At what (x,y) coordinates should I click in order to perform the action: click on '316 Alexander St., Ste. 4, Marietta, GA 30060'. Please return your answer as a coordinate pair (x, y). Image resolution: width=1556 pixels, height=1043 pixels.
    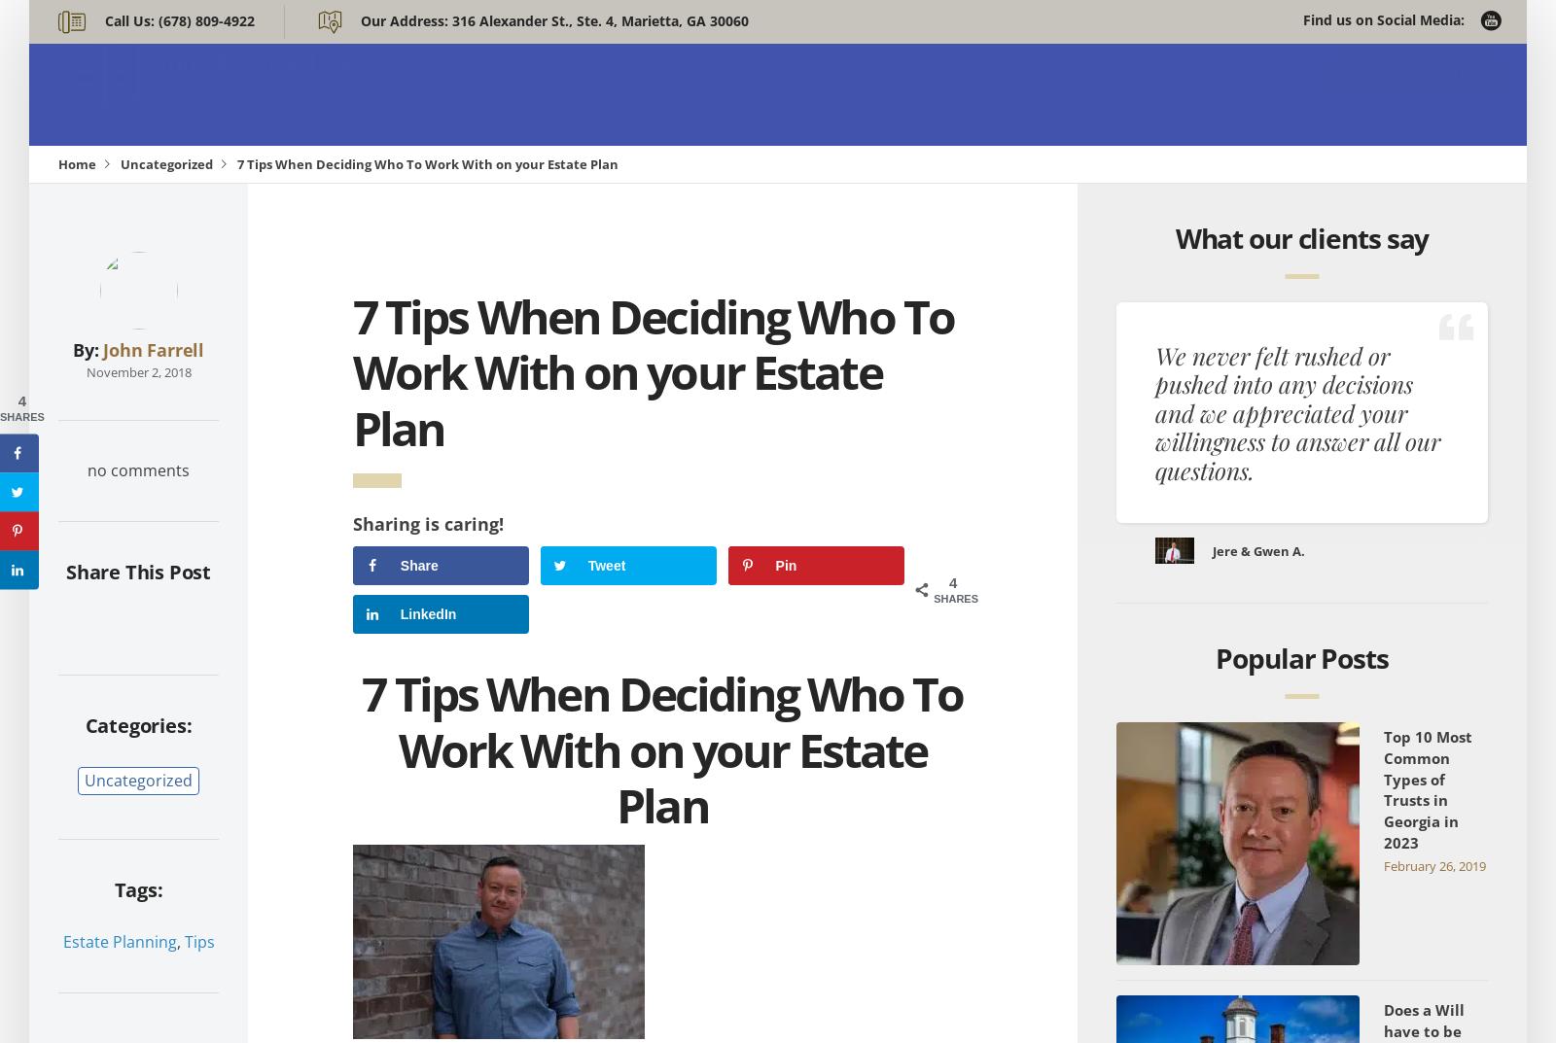
    Looking at the image, I should click on (600, 19).